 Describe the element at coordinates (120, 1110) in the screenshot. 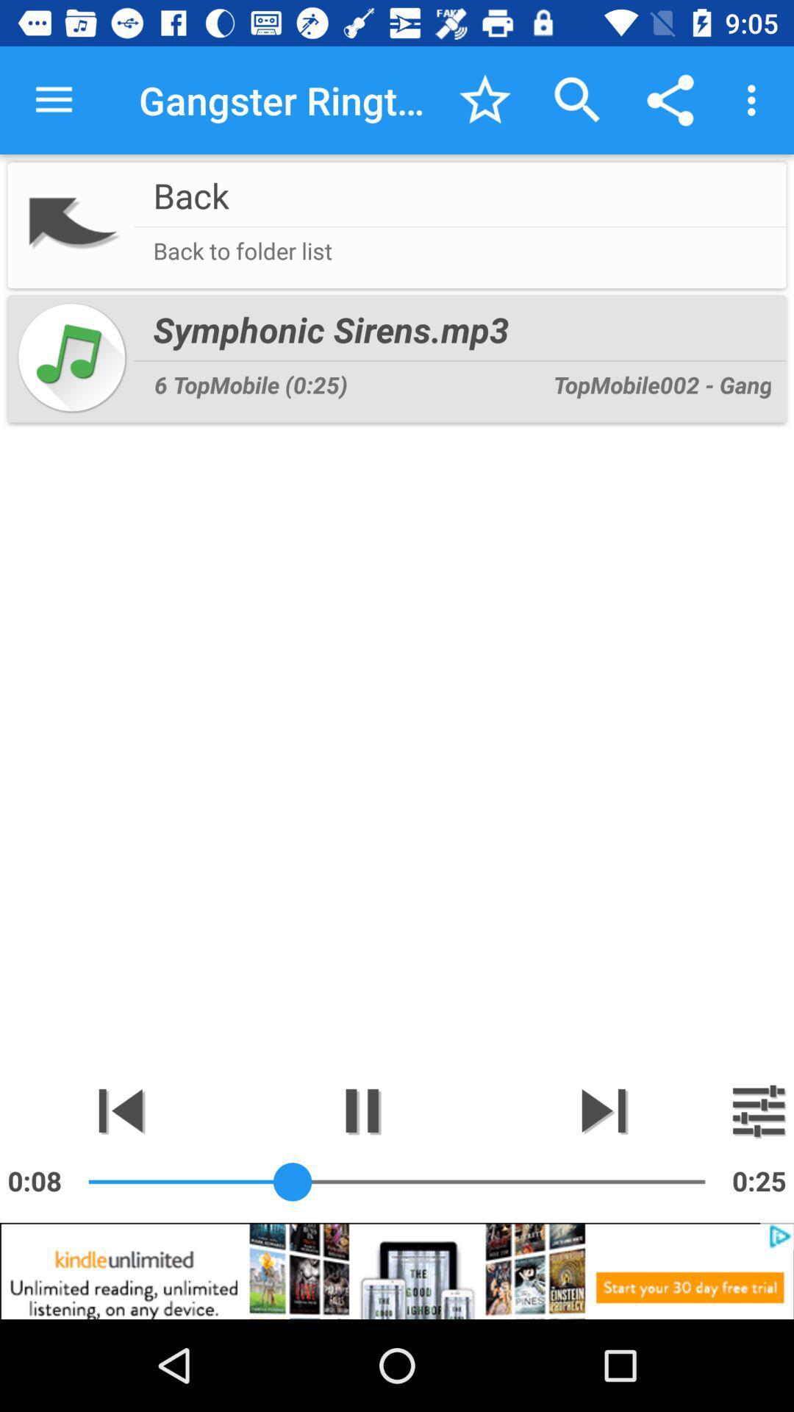

I see `the font icon` at that location.